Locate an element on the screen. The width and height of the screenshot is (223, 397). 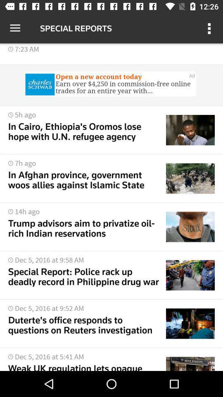
share link opttion is located at coordinates (111, 85).